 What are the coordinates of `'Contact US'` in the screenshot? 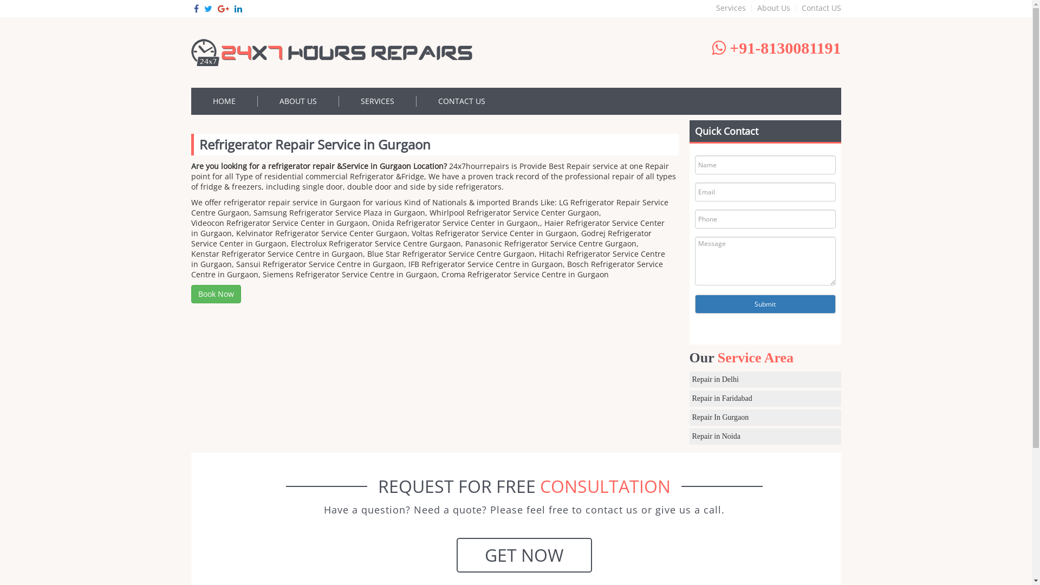 It's located at (818, 8).